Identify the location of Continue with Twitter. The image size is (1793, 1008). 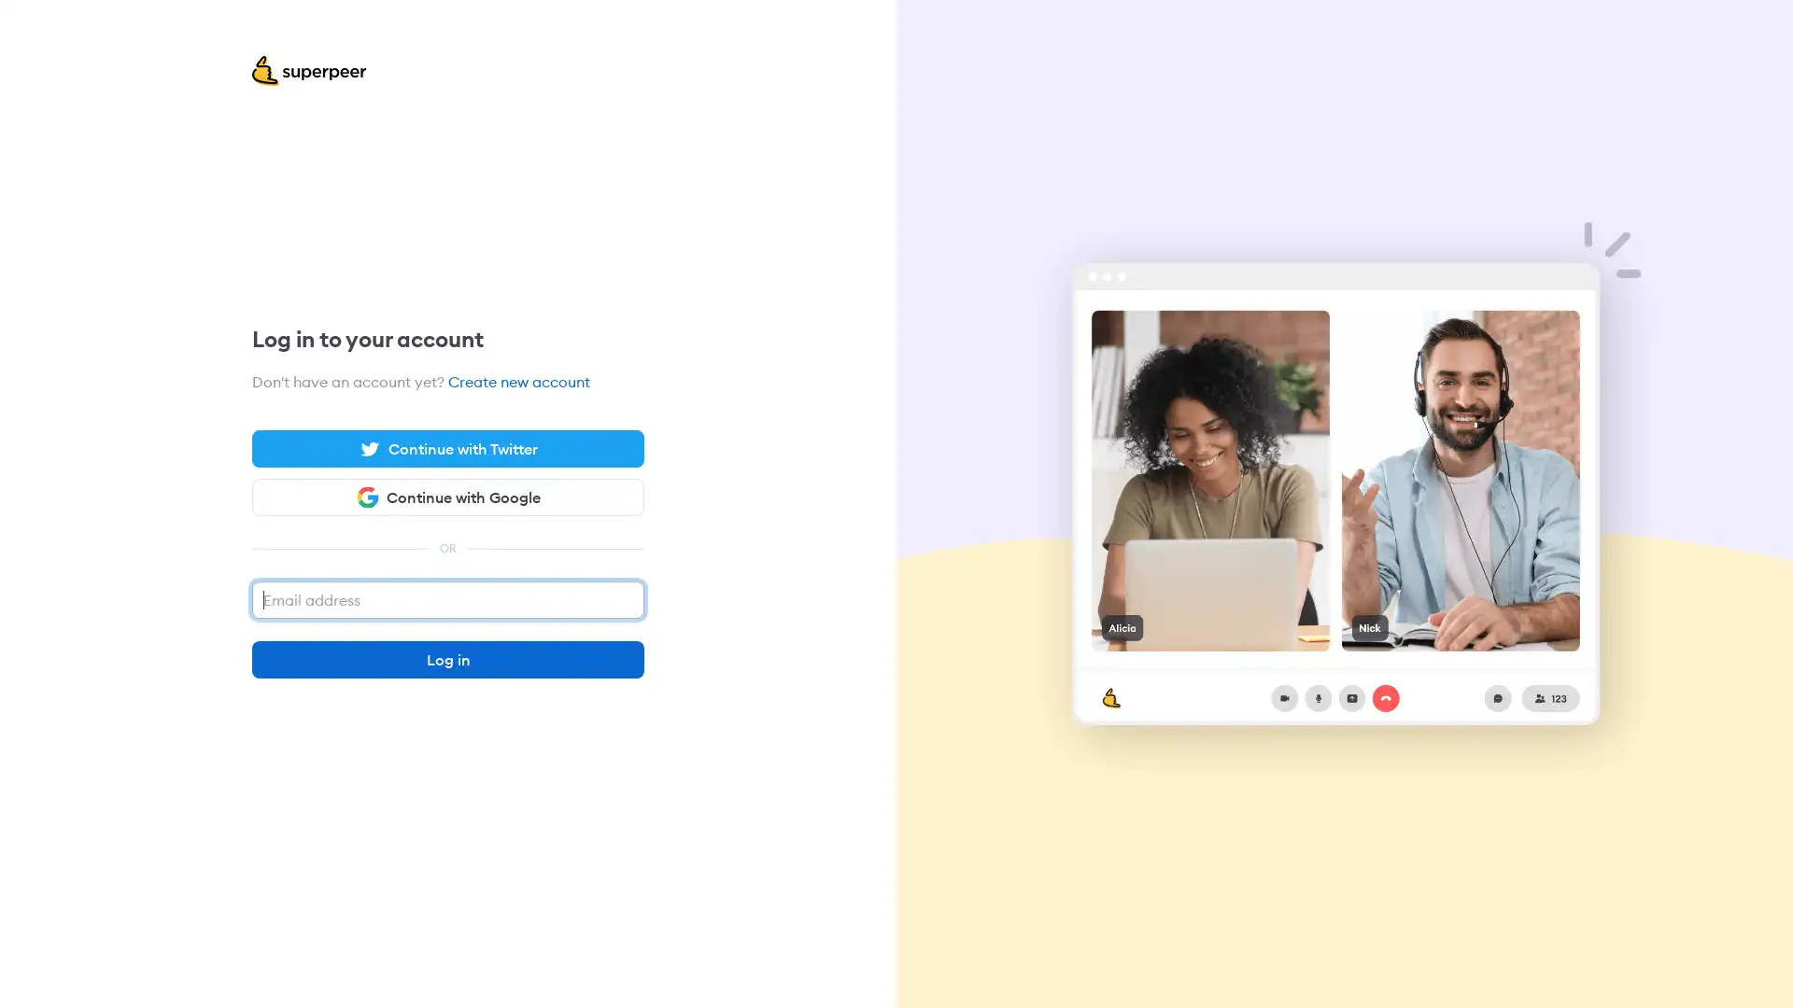
(448, 449).